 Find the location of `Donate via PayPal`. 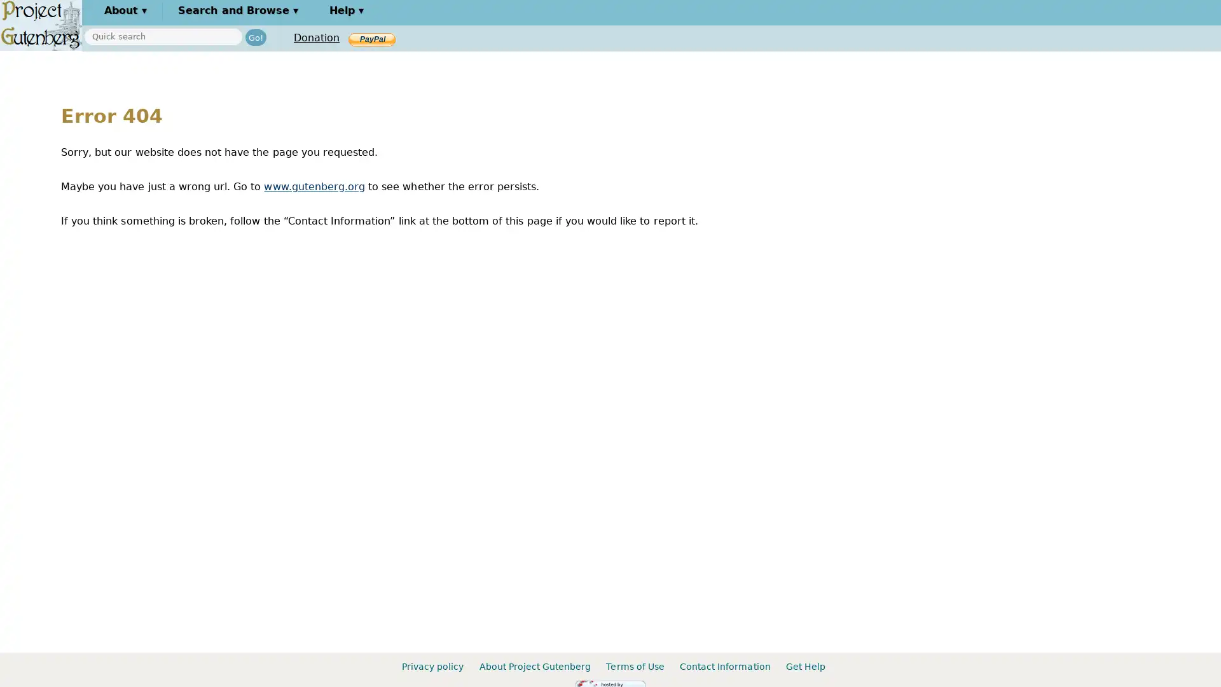

Donate via PayPal is located at coordinates (371, 38).